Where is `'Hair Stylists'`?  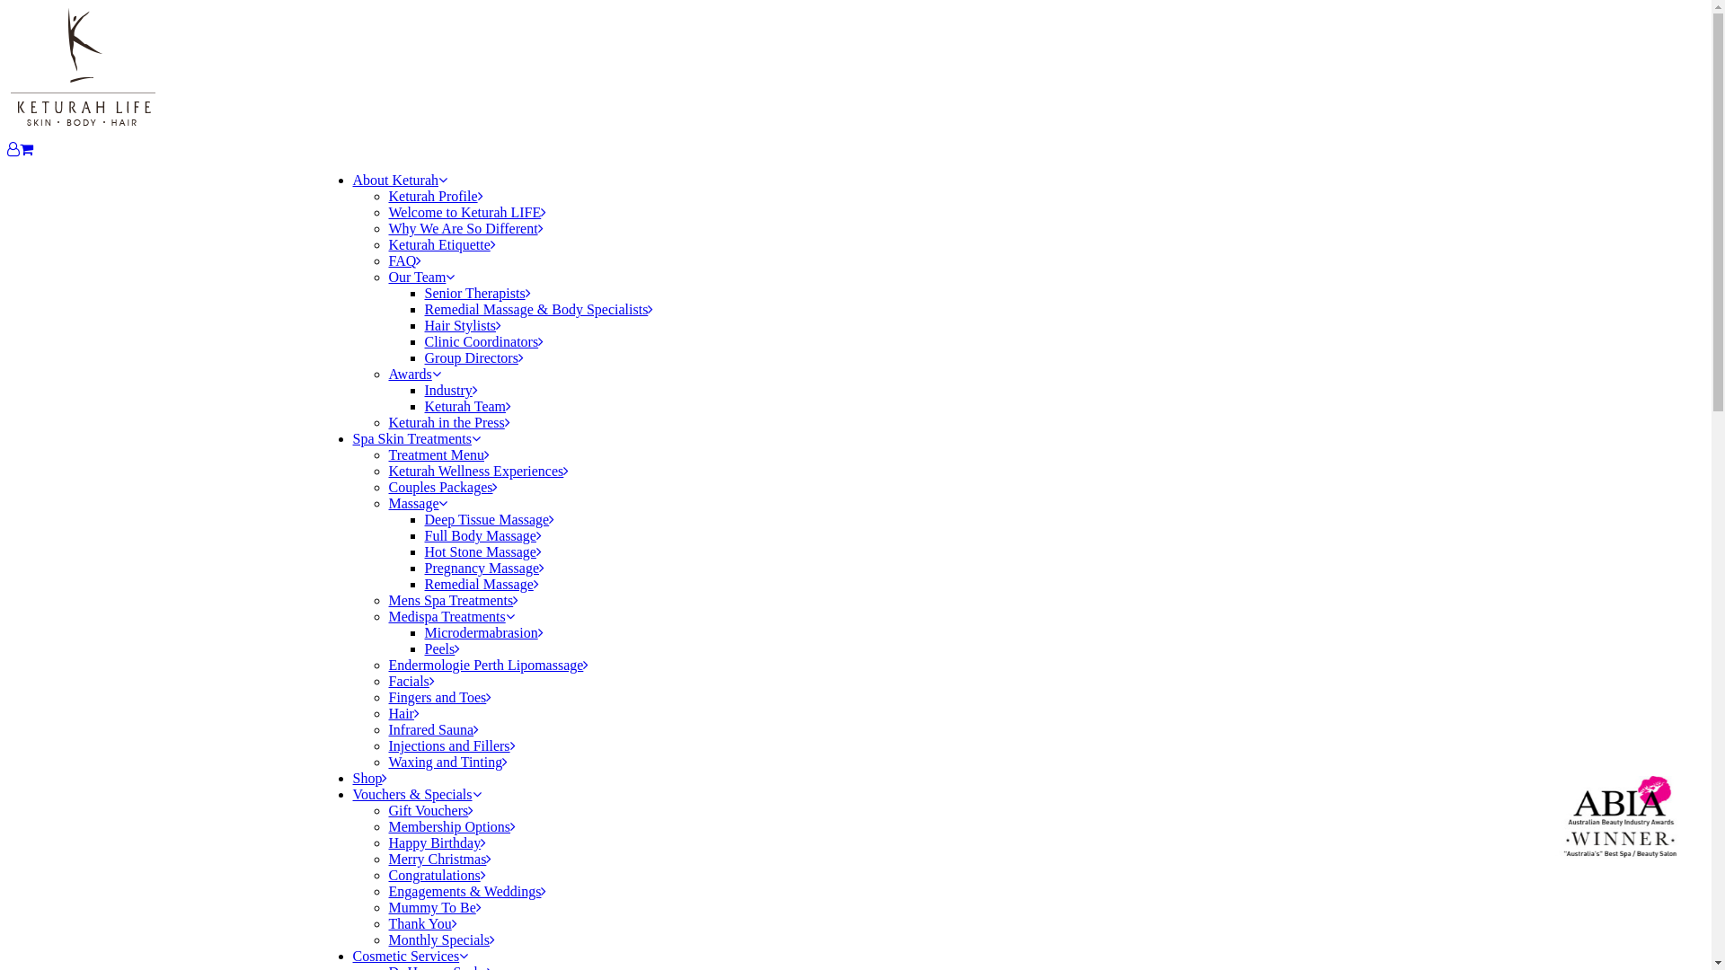 'Hair Stylists' is located at coordinates (462, 325).